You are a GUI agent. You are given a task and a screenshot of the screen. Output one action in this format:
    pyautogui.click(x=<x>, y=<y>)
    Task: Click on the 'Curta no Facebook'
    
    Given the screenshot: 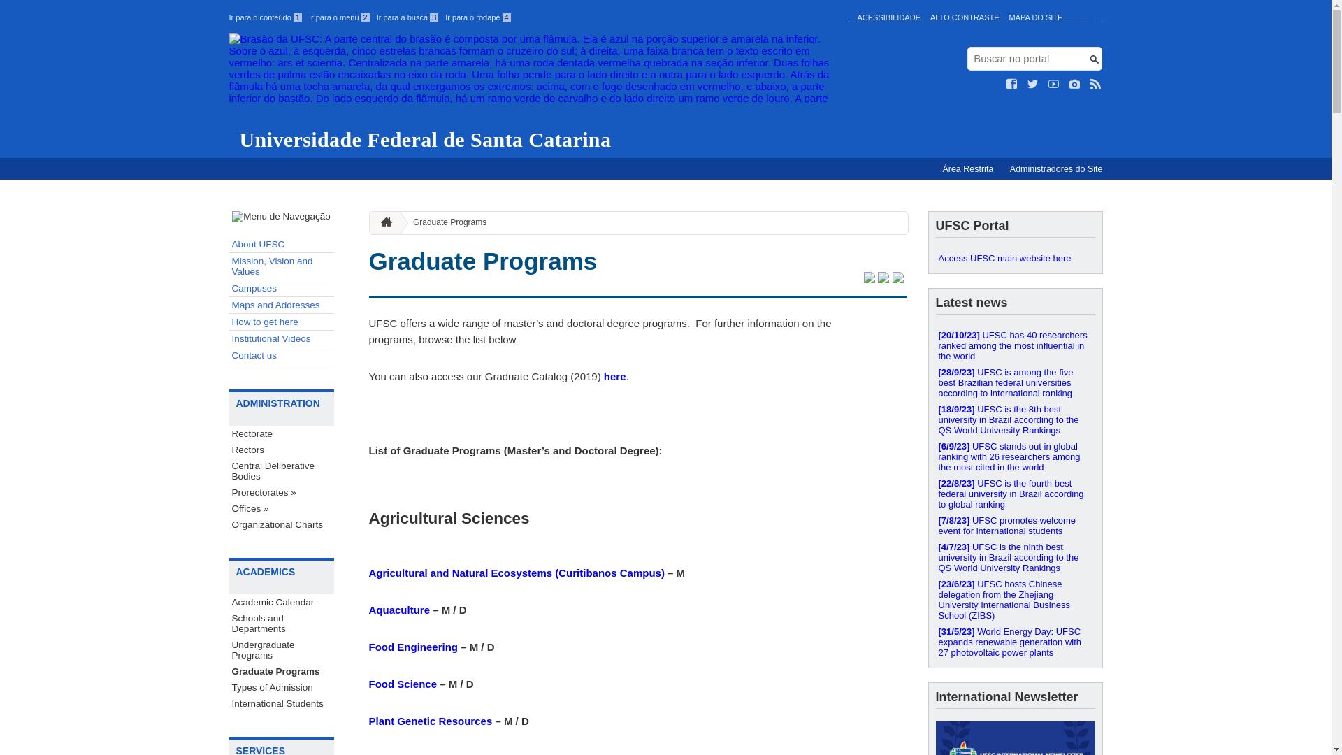 What is the action you would take?
    pyautogui.click(x=1012, y=84)
    